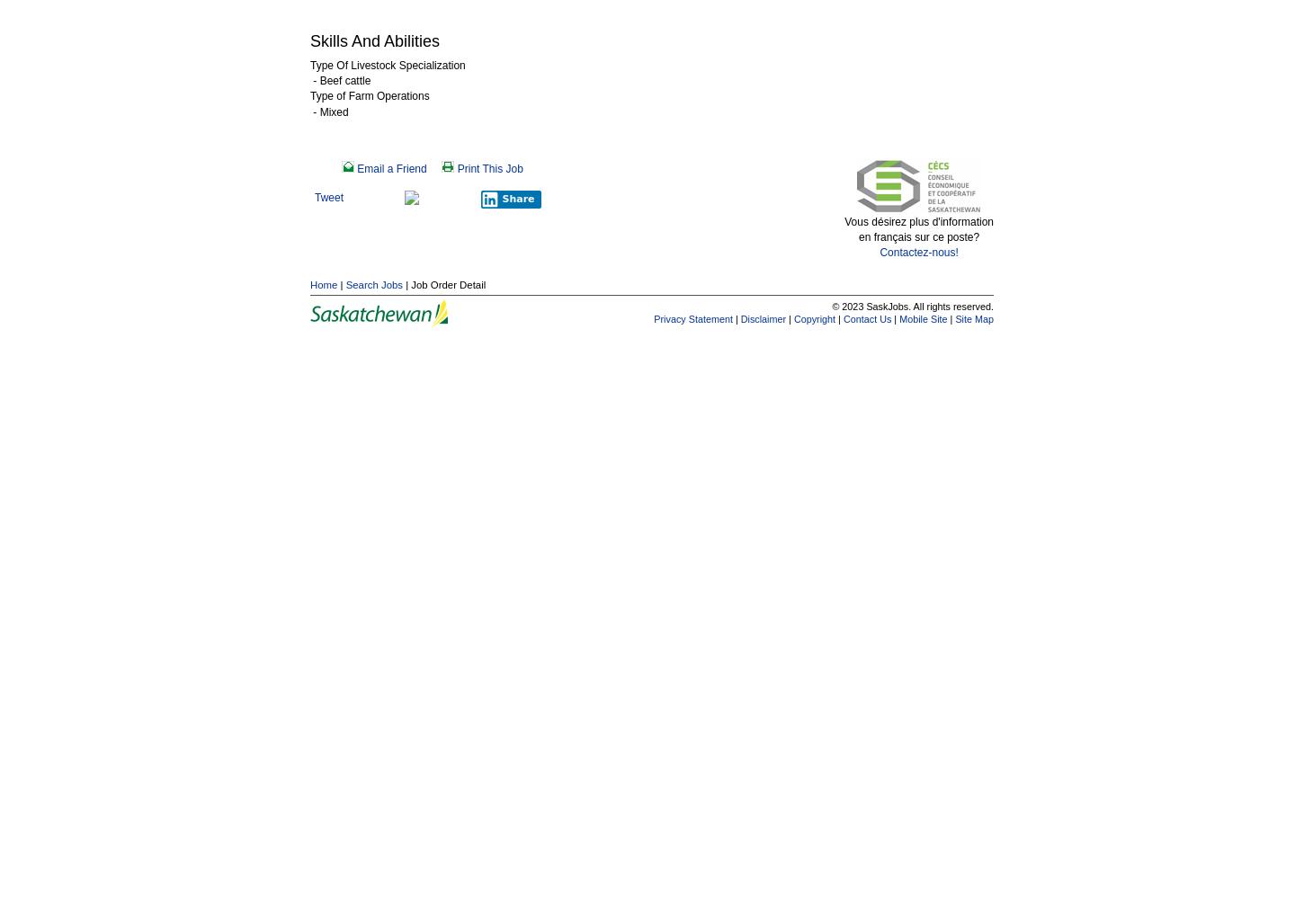 This screenshot has width=1304, height=899. Describe the element at coordinates (918, 220) in the screenshot. I see `'Vous désirez plus d'information'` at that location.